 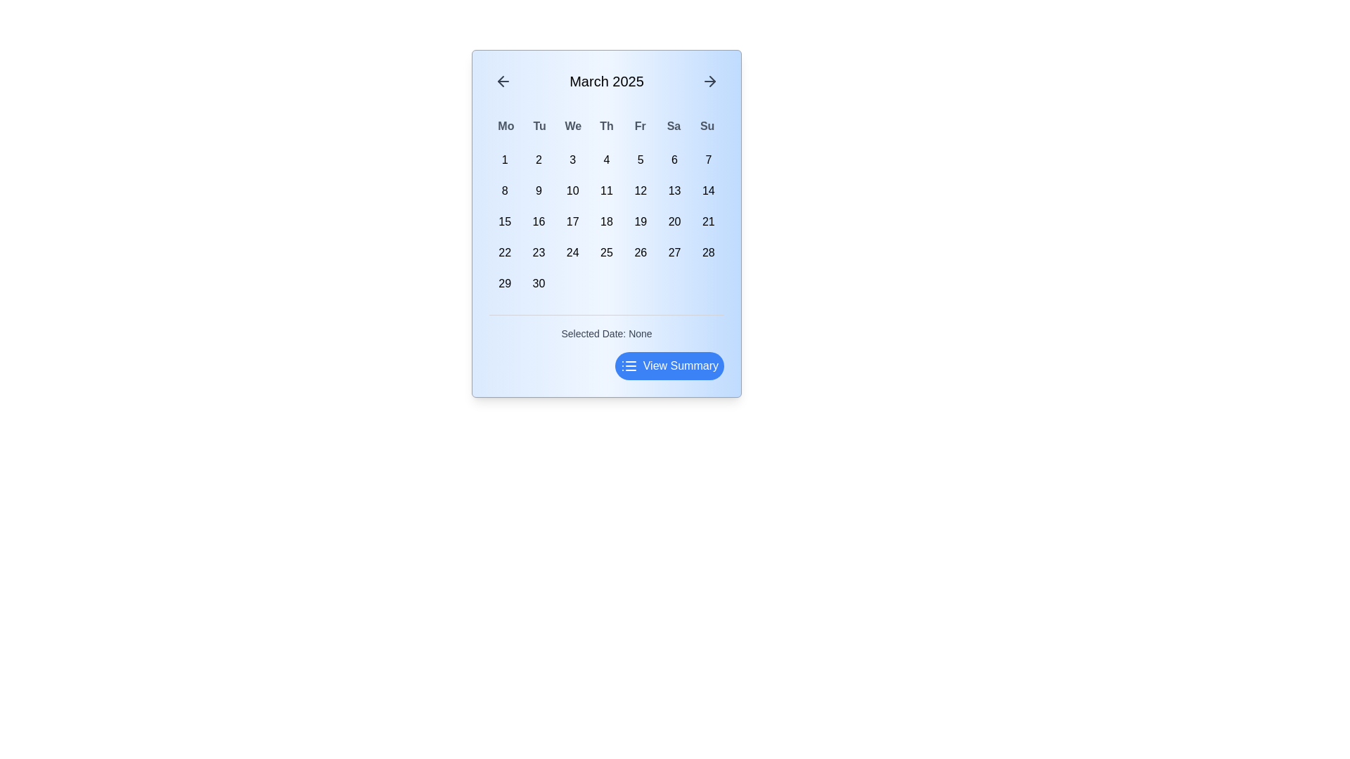 What do you see at coordinates (640, 159) in the screenshot?
I see `the selectable button representing the date '5' in the calendar widget` at bounding box center [640, 159].